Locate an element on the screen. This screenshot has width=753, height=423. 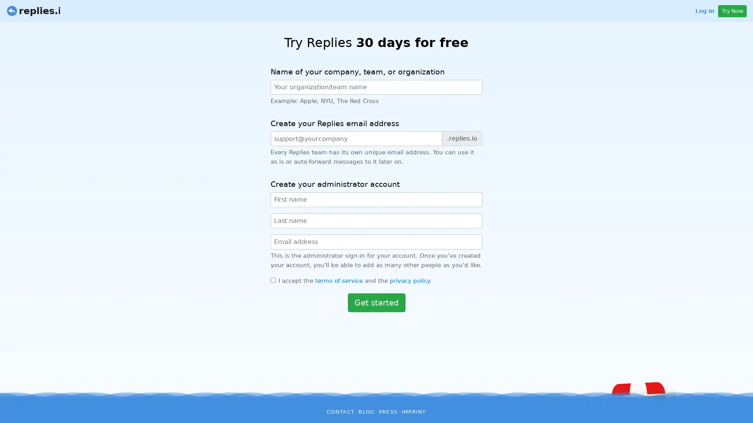
Get started is located at coordinates (376, 302).